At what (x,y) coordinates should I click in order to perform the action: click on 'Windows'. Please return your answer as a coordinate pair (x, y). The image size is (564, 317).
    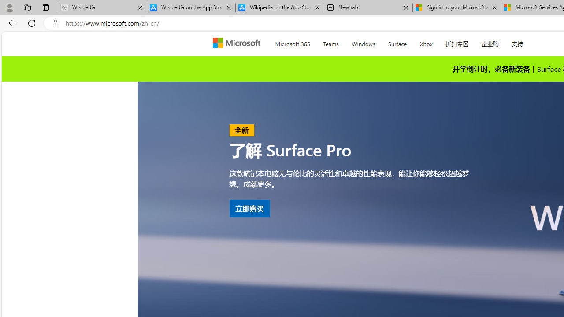
    Looking at the image, I should click on (363, 42).